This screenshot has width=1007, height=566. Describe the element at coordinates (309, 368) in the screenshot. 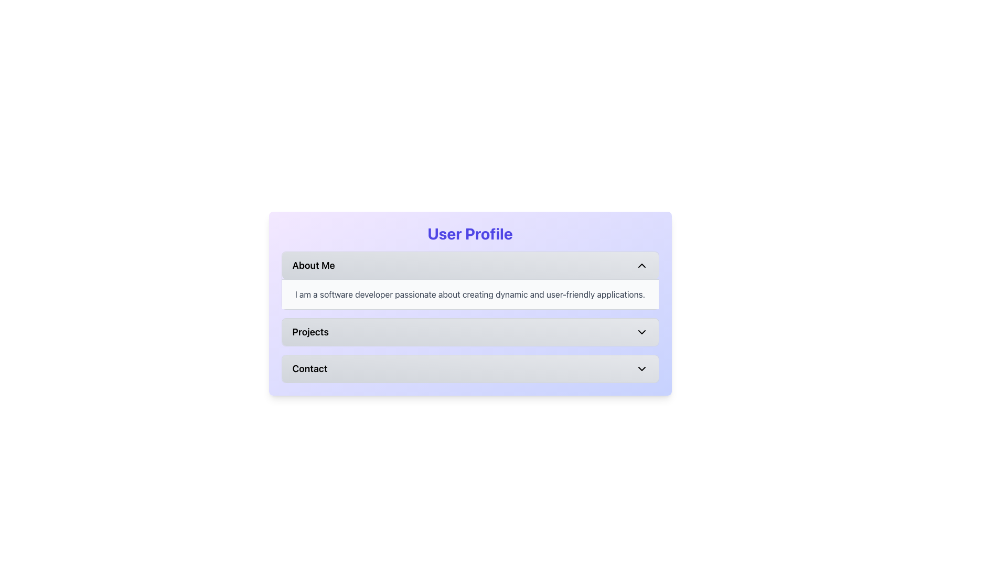

I see `the 'Contact' label located within the expanding section, which displays the text in bold font` at that location.